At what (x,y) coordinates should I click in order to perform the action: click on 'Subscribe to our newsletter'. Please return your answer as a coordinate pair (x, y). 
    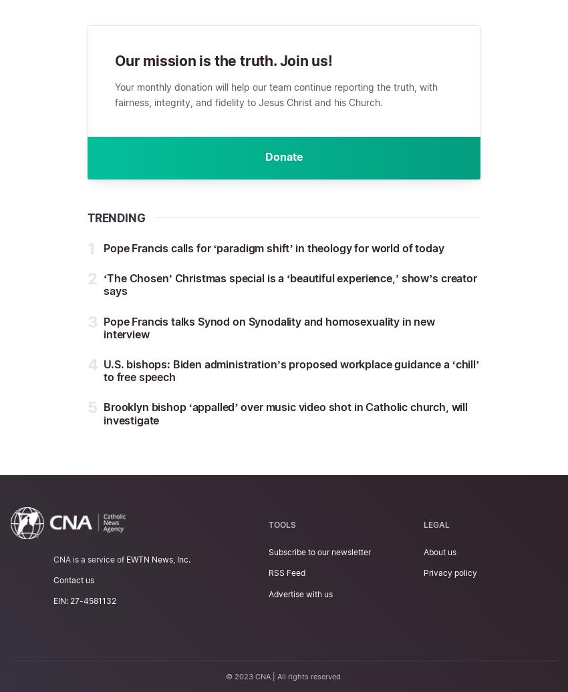
    Looking at the image, I should click on (319, 552).